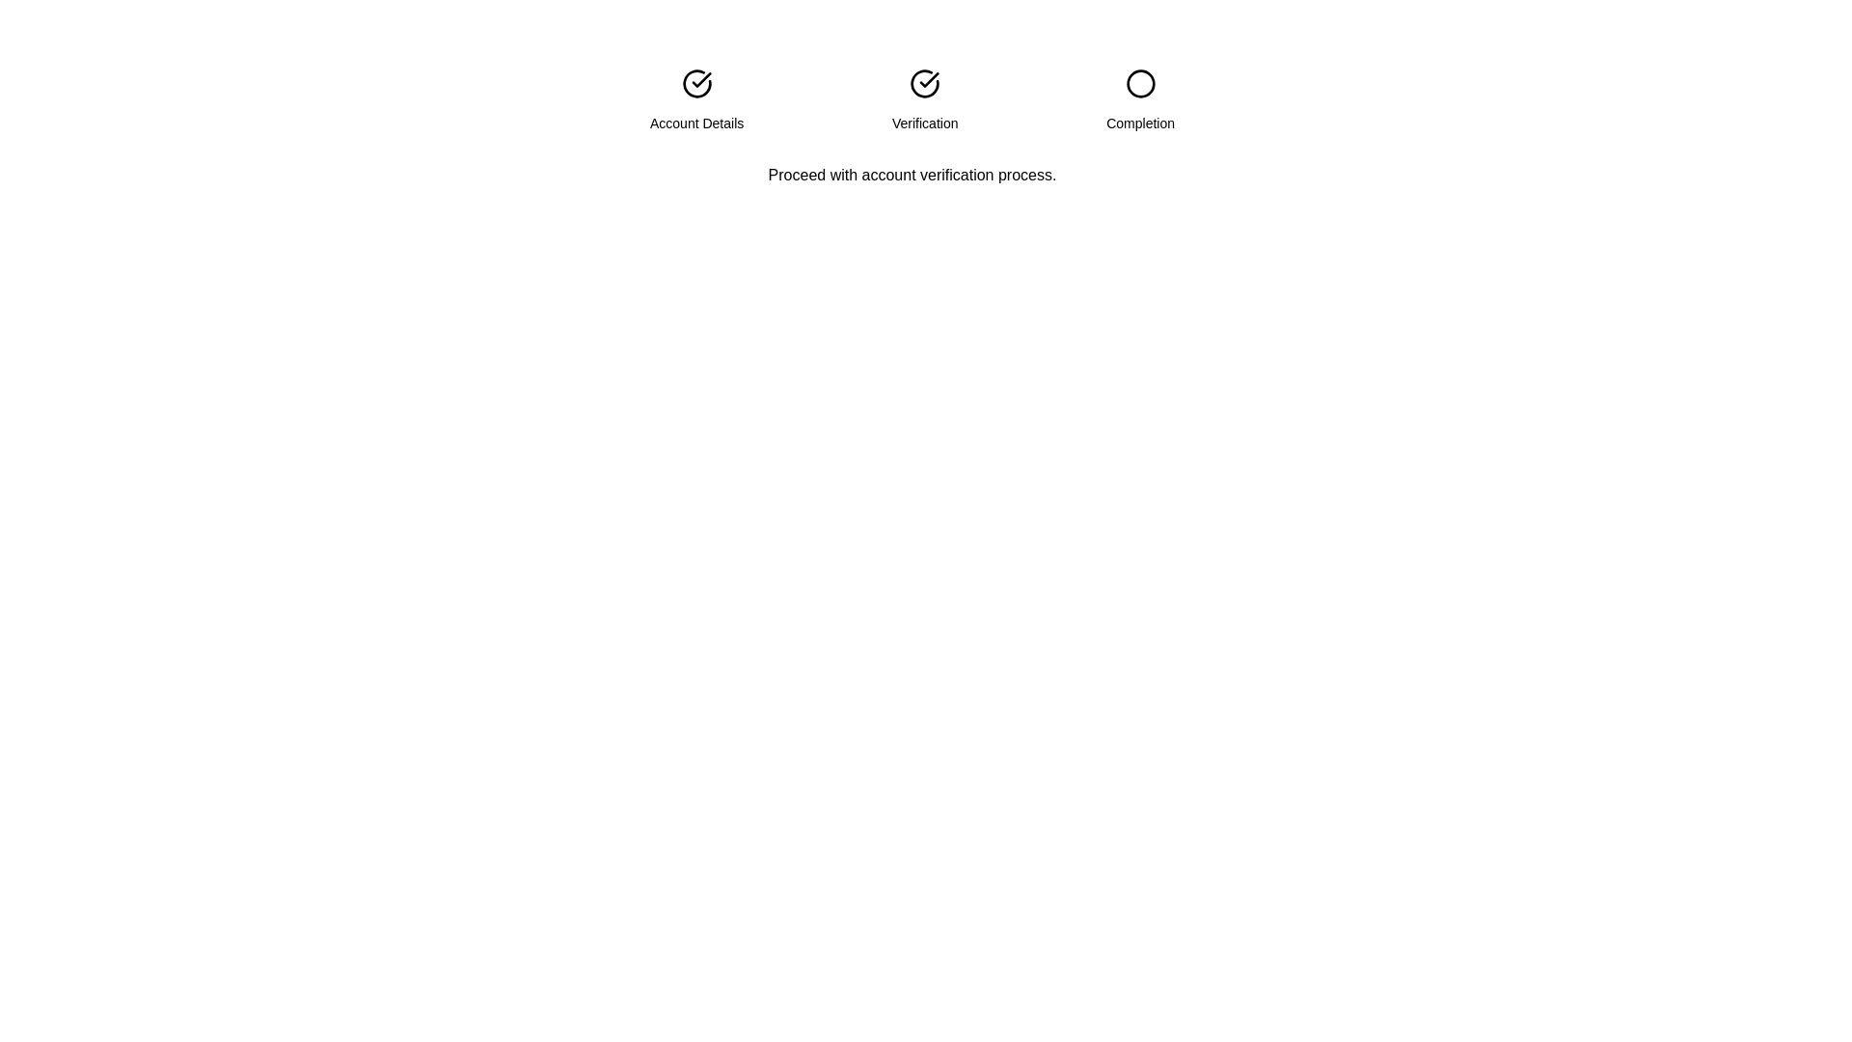  What do you see at coordinates (1140, 100) in the screenshot?
I see `the 'Completion' step label in the step indicator, which is the third element on the far-right of the series` at bounding box center [1140, 100].